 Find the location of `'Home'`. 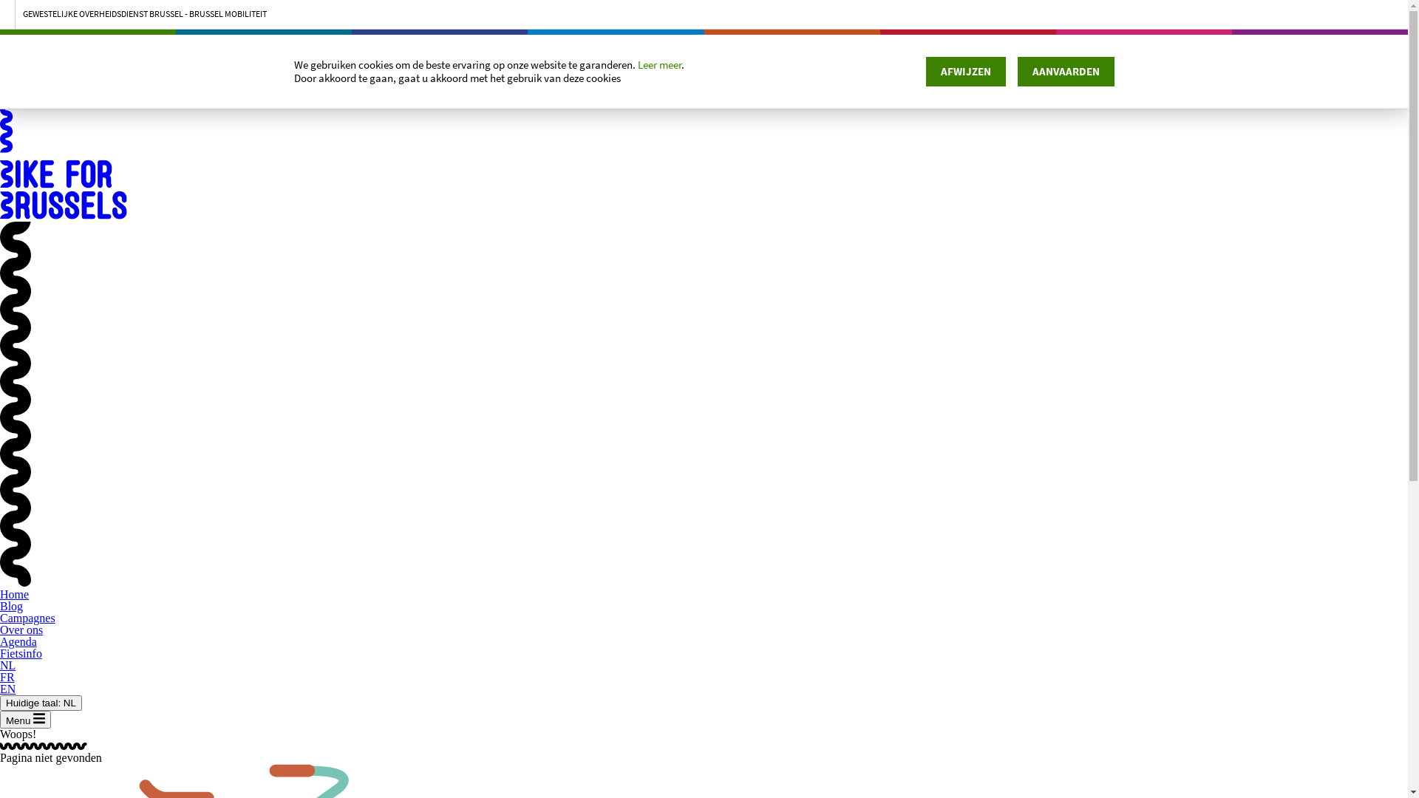

'Home' is located at coordinates (0, 593).